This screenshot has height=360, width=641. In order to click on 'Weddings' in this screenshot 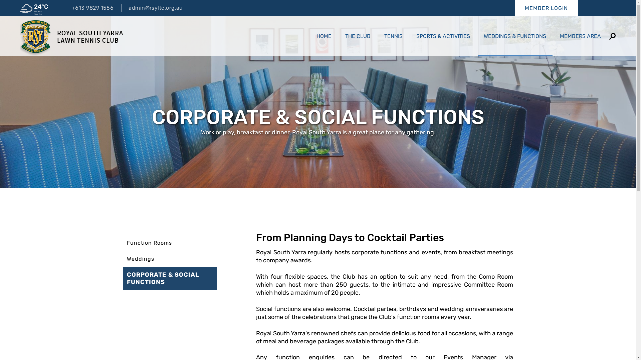, I will do `click(170, 258)`.